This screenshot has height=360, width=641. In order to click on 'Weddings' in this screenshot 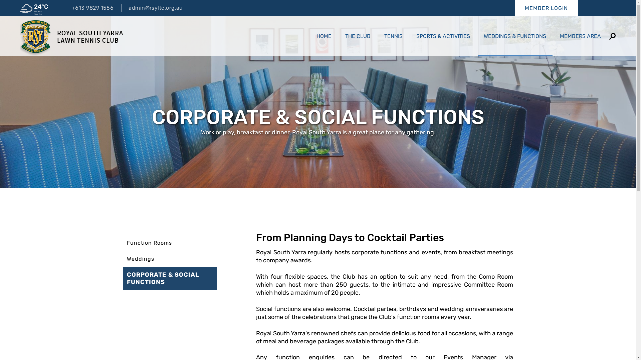, I will do `click(170, 258)`.